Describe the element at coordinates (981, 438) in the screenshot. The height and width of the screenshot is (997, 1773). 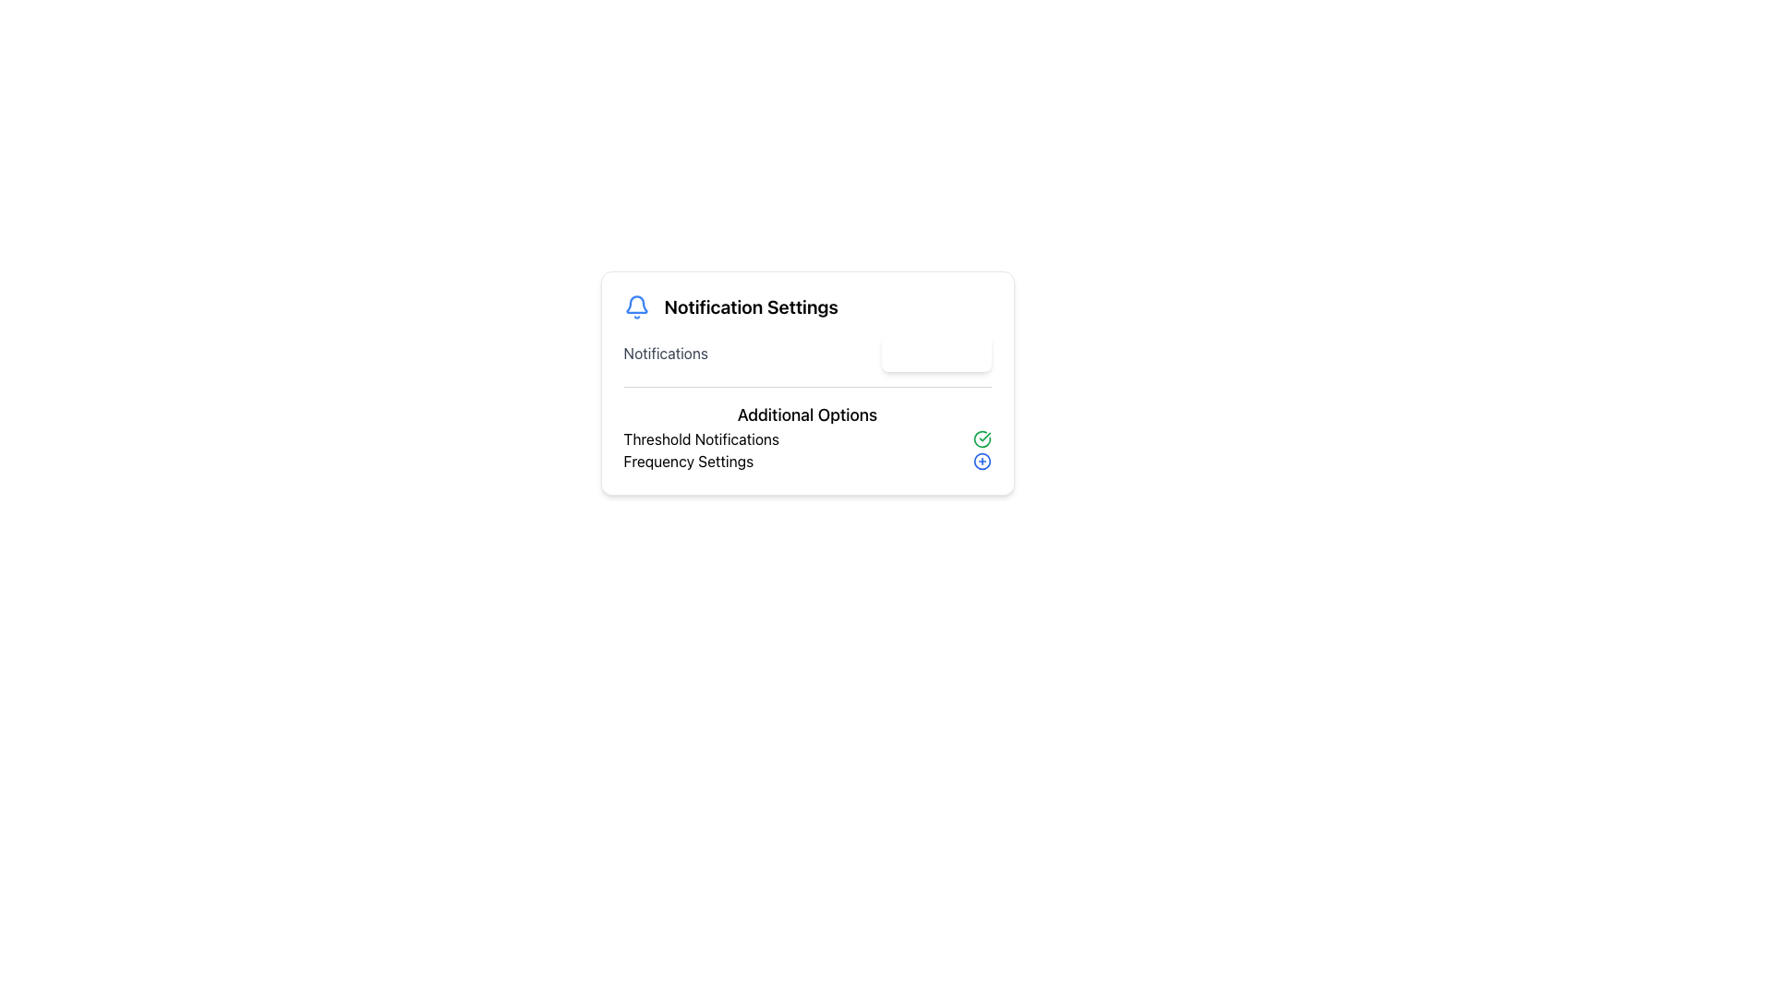
I see `the checkmark SVG icon` at that location.